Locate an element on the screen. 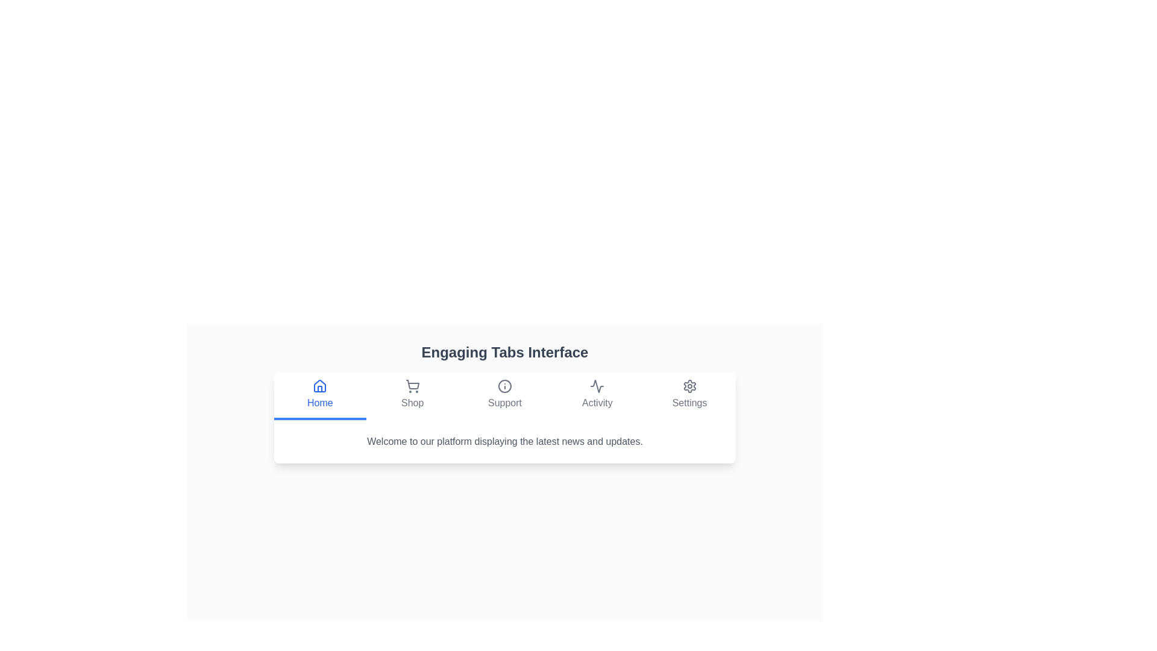  the shopping cart icon which represents the 'Shop' tab, located at the top center of the navigation area is located at coordinates (412, 386).